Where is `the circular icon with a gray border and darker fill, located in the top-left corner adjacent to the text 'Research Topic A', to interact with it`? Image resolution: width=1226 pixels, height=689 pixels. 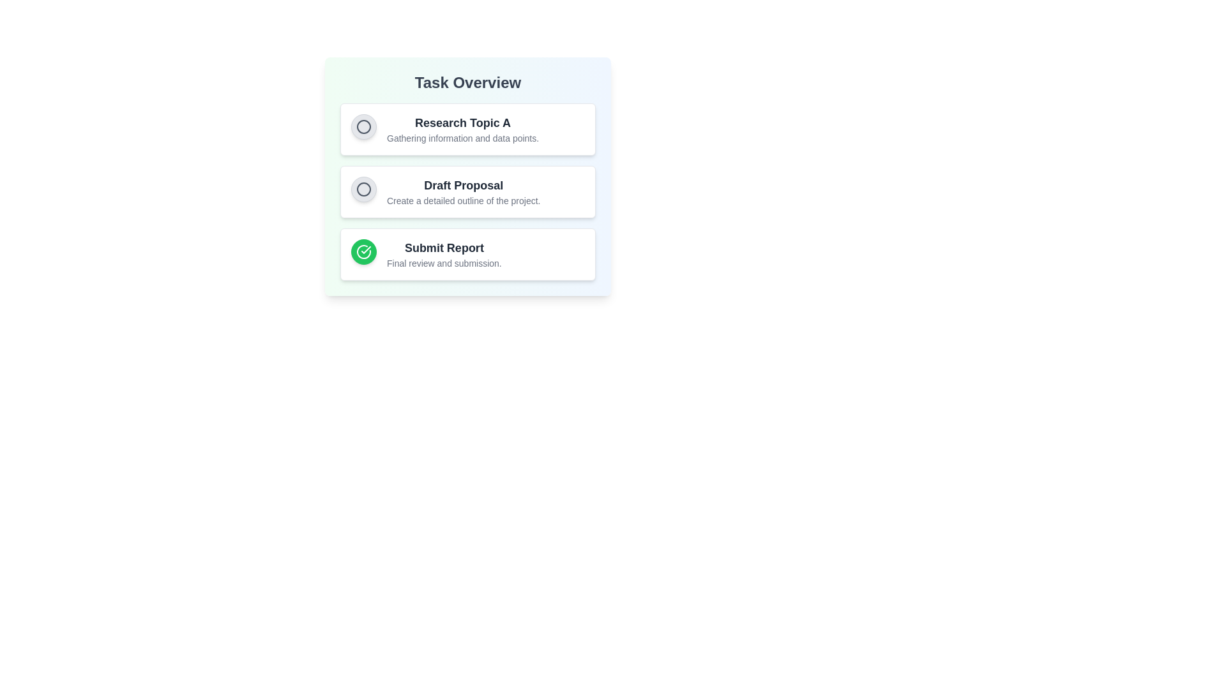
the circular icon with a gray border and darker fill, located in the top-left corner adjacent to the text 'Research Topic A', to interact with it is located at coordinates (363, 127).